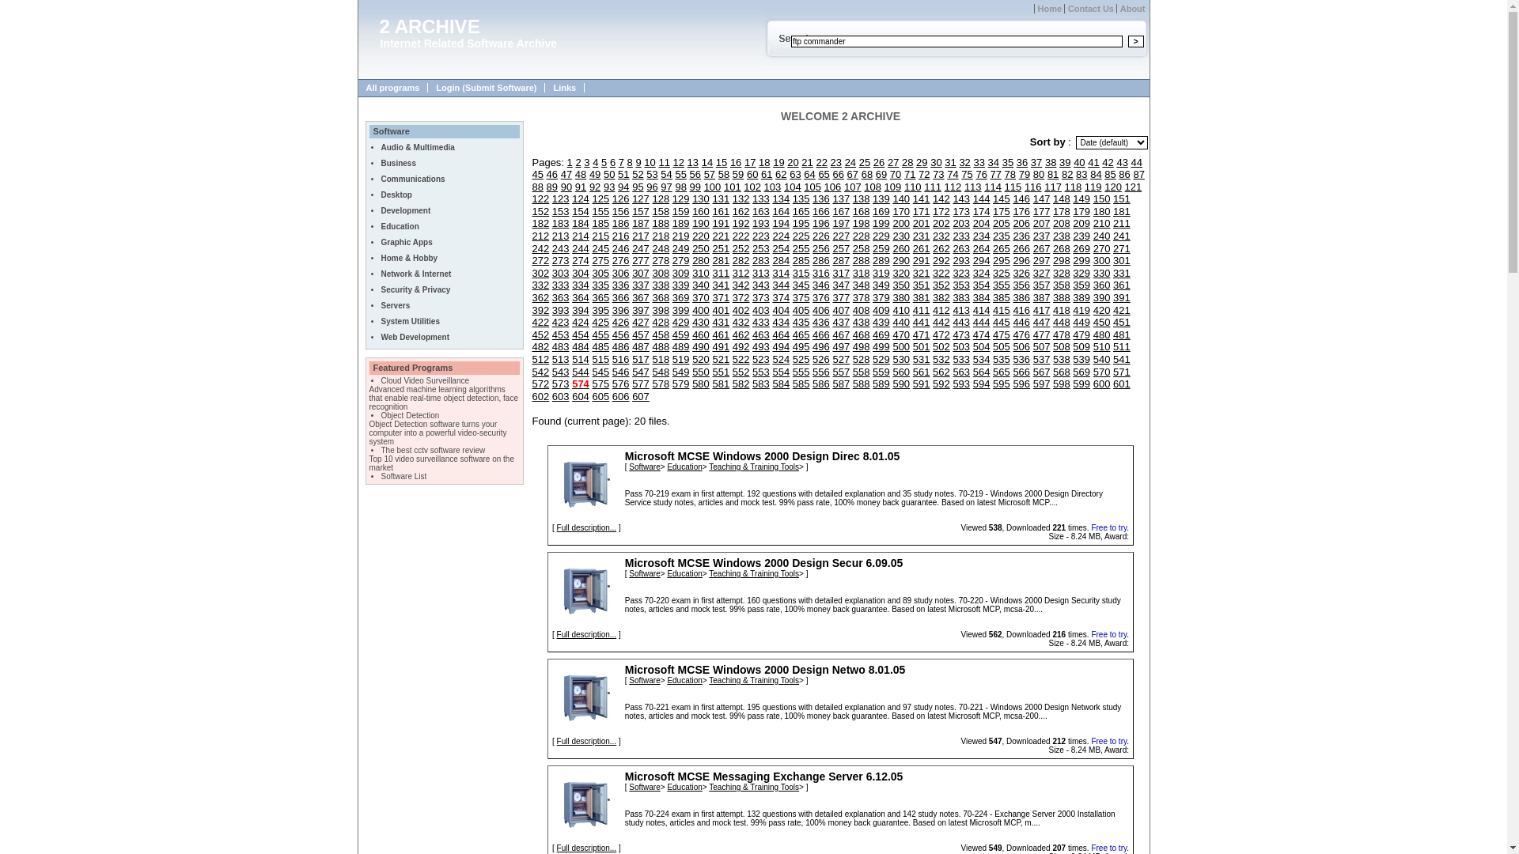 This screenshot has width=1519, height=854. I want to click on 'DownloadMicrosoft MCSE Windows 2000 Design Netwo 8.01.05', so click(585, 697).